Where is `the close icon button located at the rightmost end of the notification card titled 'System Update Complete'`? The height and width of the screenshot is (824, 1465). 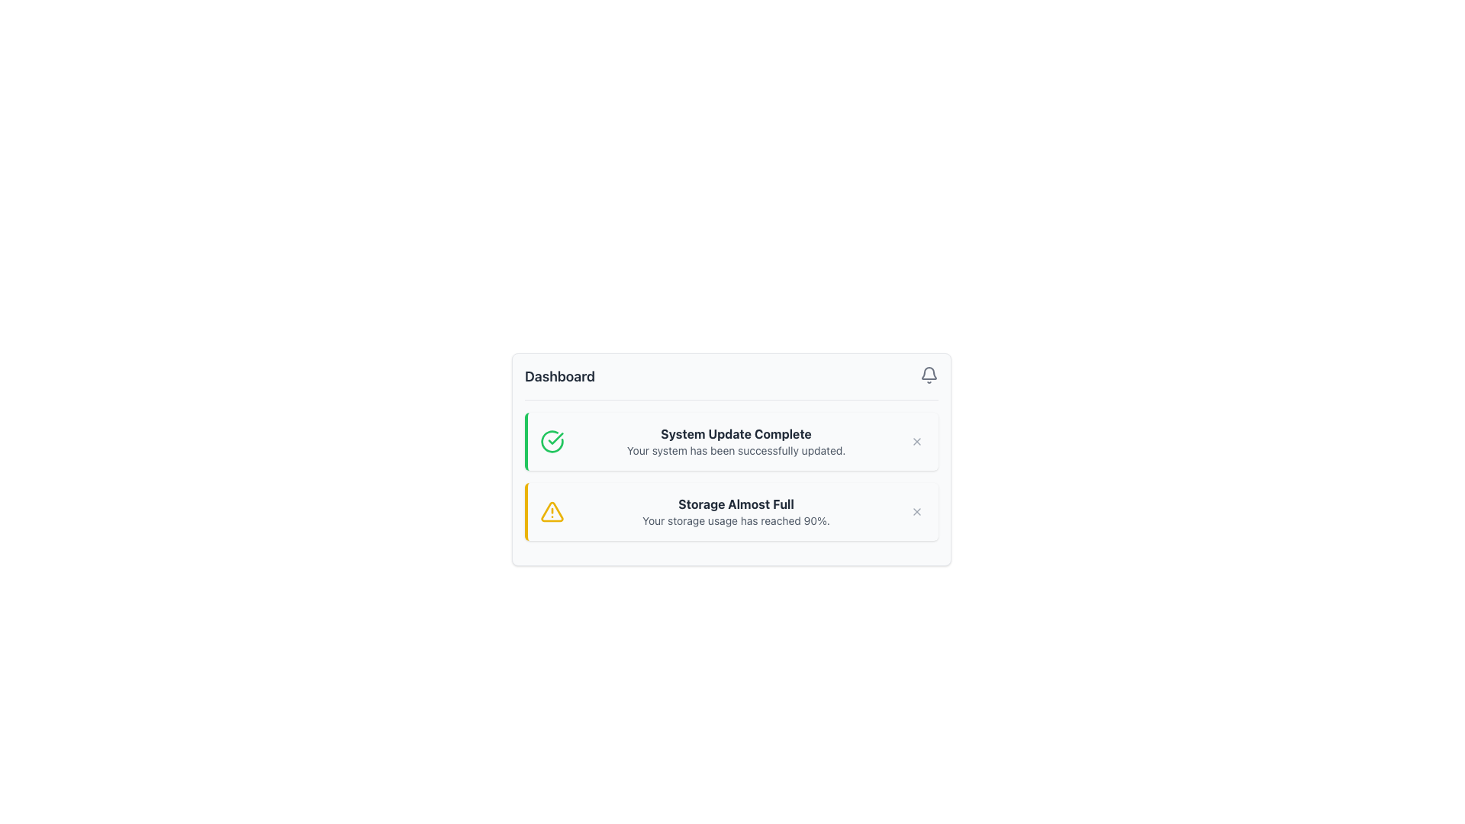
the close icon button located at the rightmost end of the notification card titled 'System Update Complete' is located at coordinates (916, 441).